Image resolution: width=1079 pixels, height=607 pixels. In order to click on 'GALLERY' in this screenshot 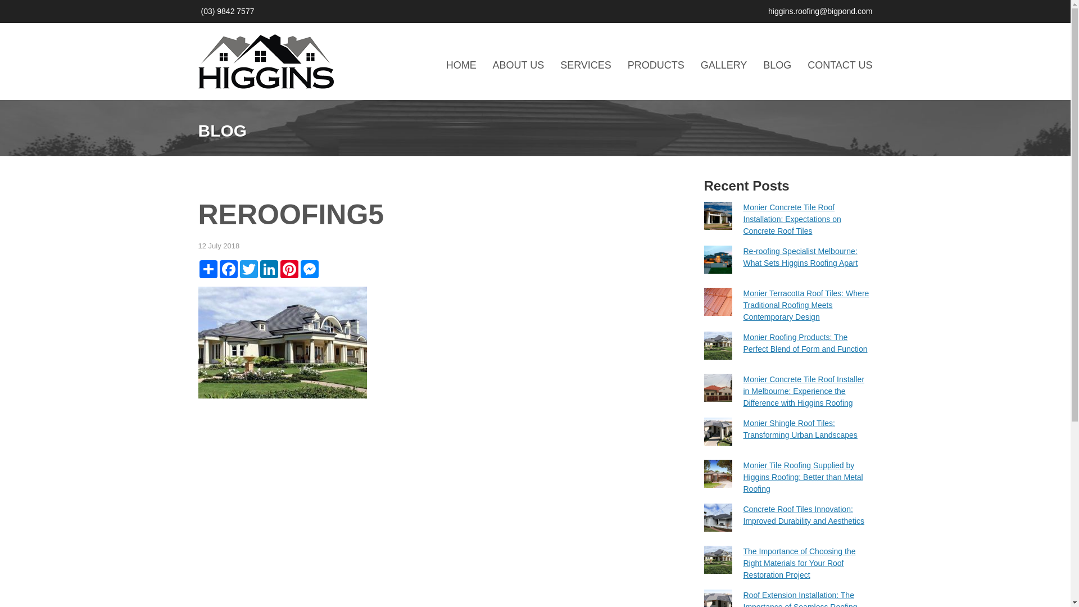, I will do `click(700, 65)`.